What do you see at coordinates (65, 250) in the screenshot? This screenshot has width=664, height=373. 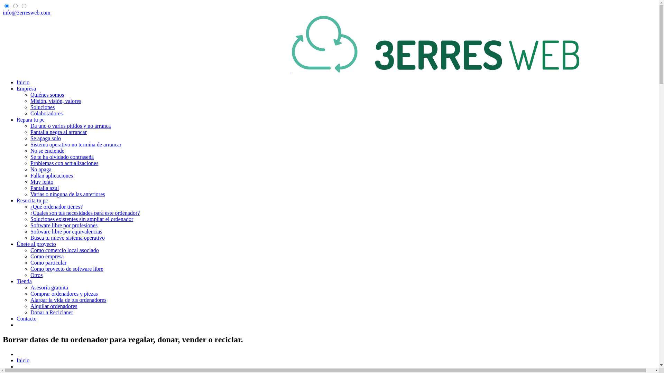 I see `'Como comercio local asociado'` at bounding box center [65, 250].